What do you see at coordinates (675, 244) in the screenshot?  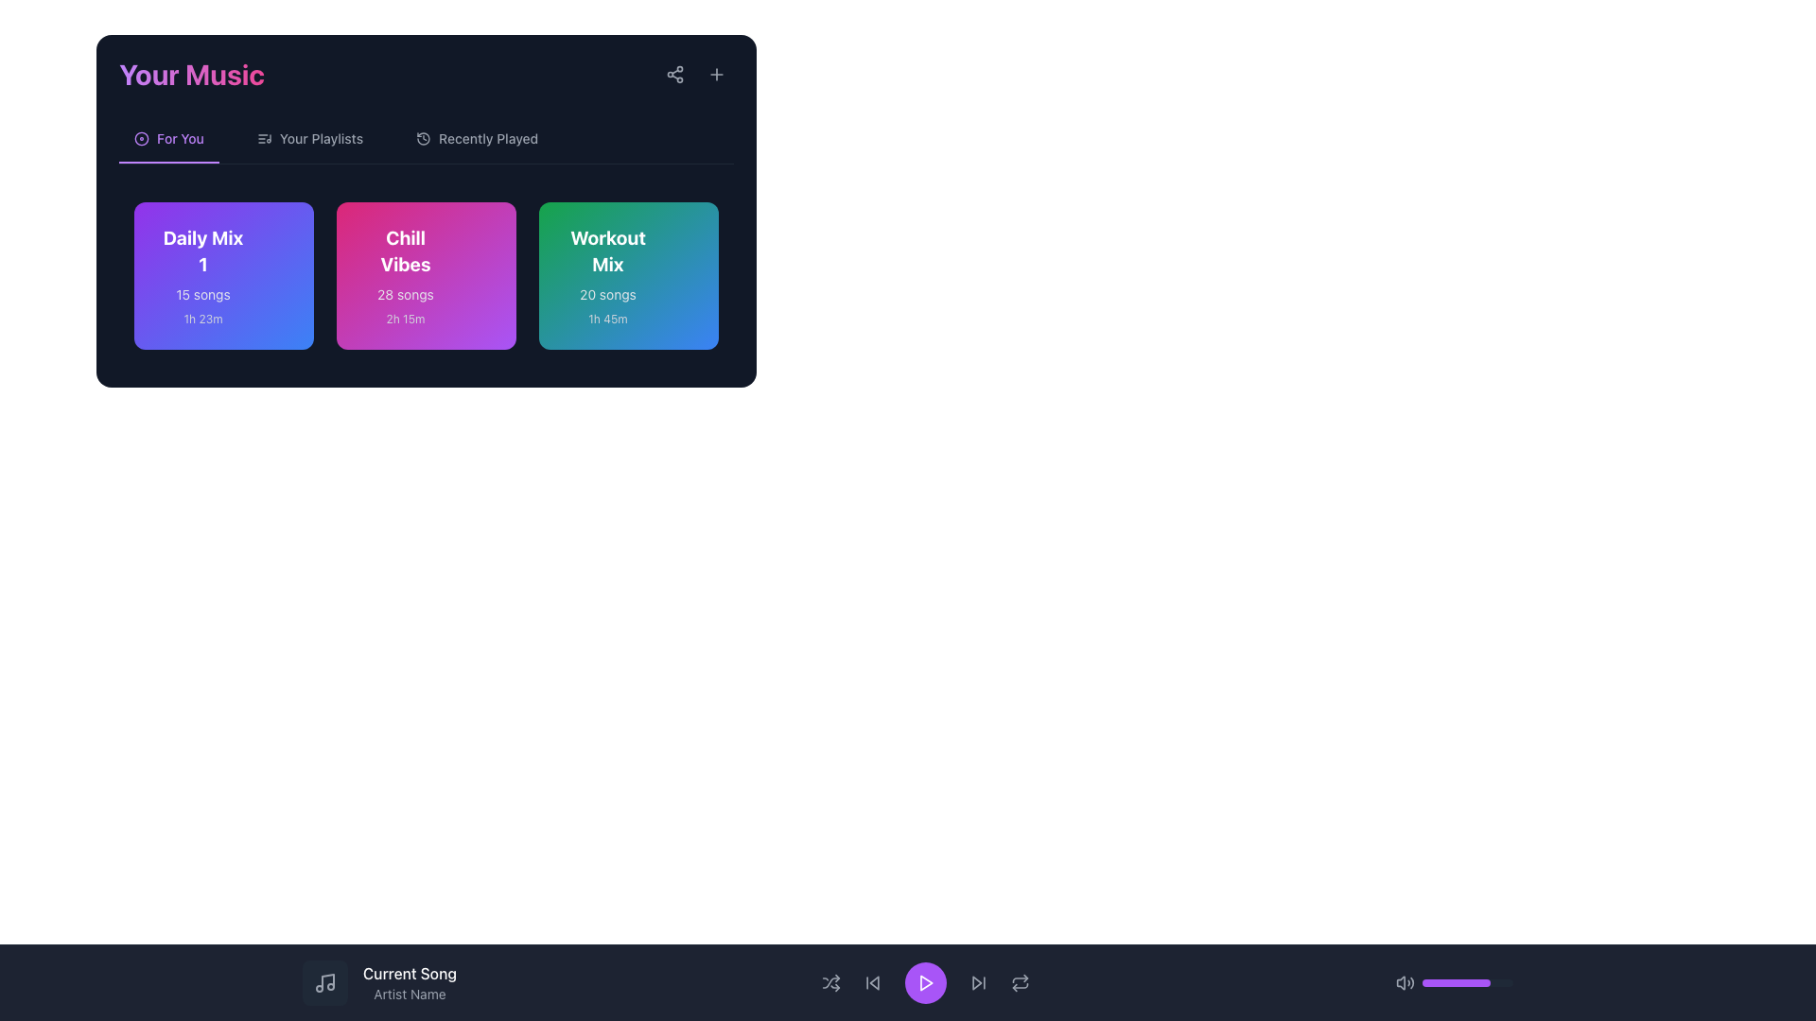 I see `the button located in the upper-right corner of the 'Workout Mix' playlist tile to make it more visible` at bounding box center [675, 244].